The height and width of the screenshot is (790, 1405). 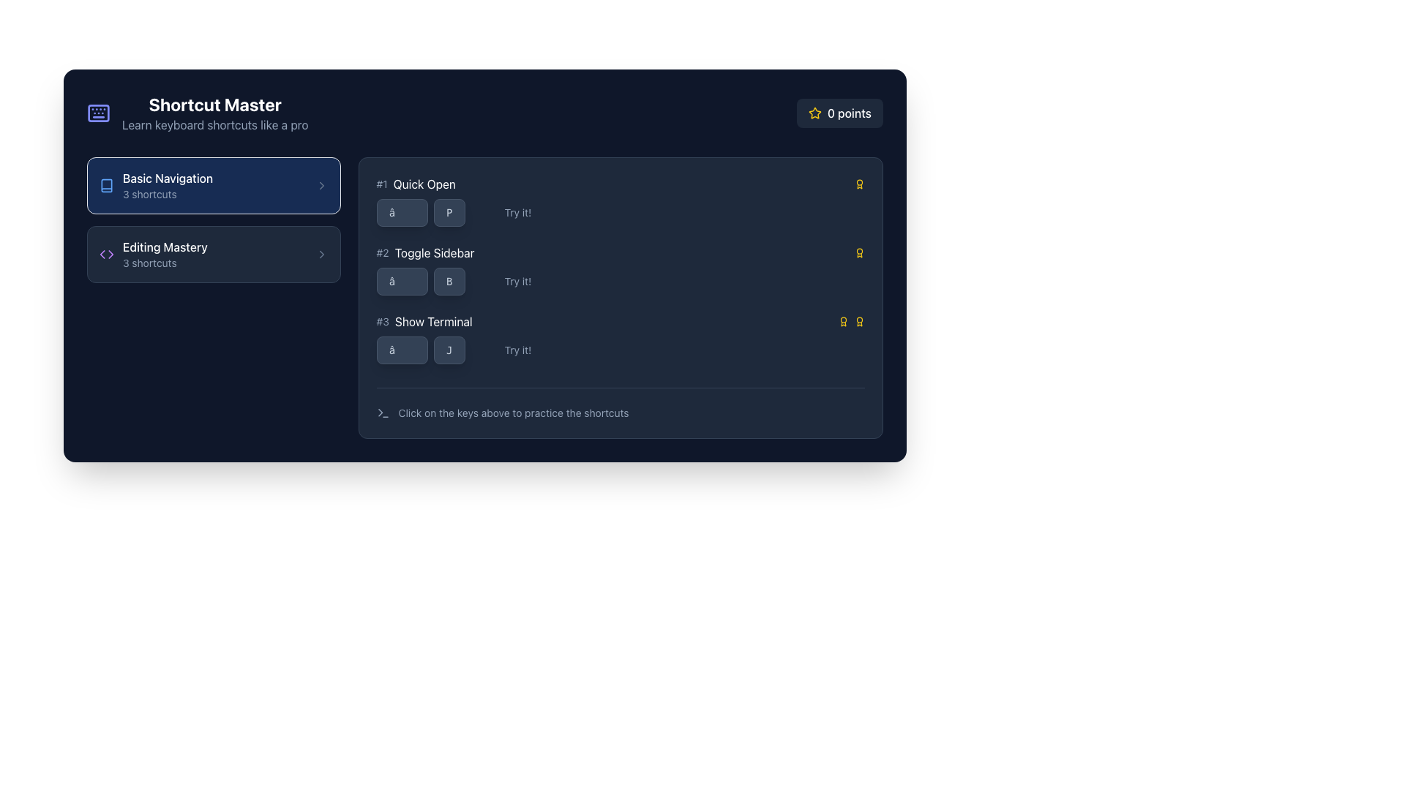 What do you see at coordinates (517, 212) in the screenshot?
I see `the text label displaying 'Try it!' which is styled with a light slate color and is positioned to the right of the 'Quick Open' option in the UI` at bounding box center [517, 212].